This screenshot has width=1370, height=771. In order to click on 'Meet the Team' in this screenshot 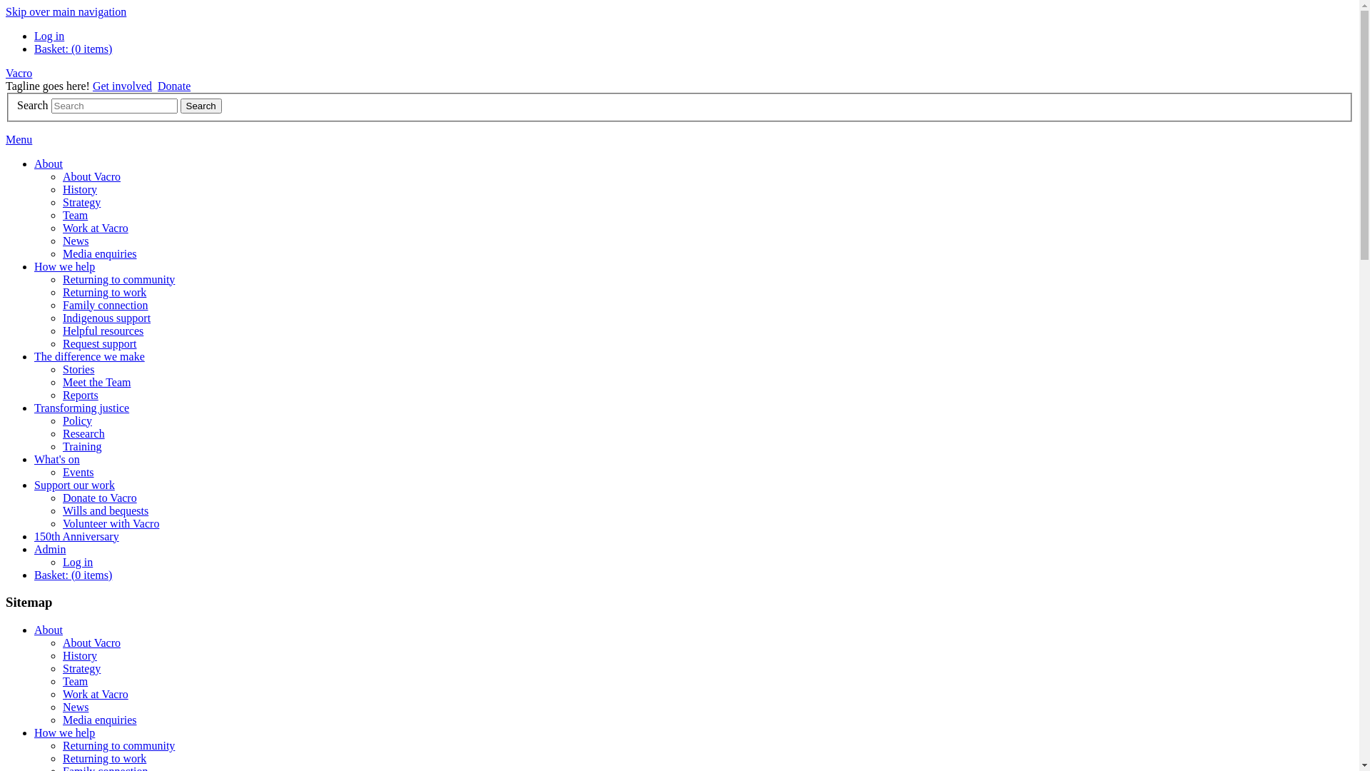, I will do `click(96, 381)`.